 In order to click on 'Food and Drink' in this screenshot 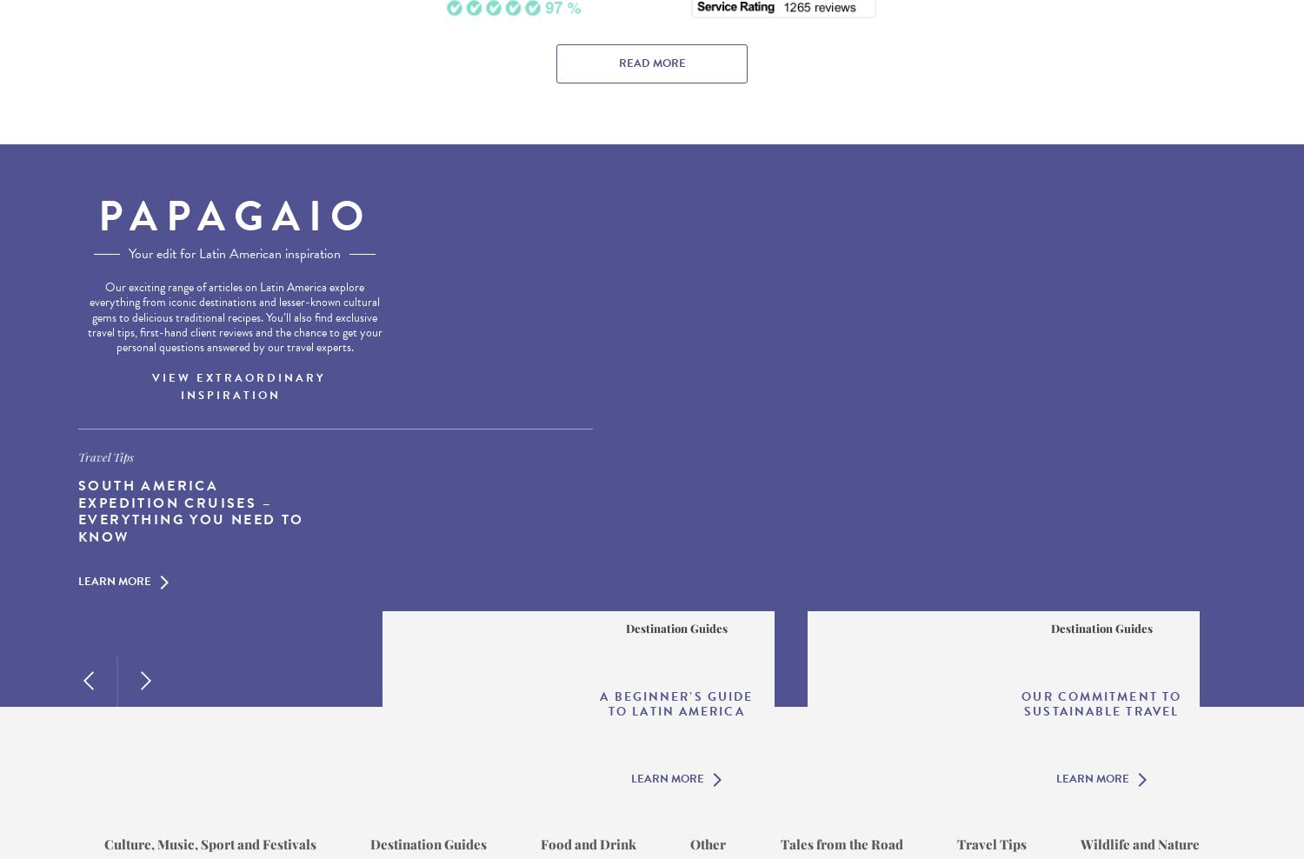, I will do `click(588, 844)`.